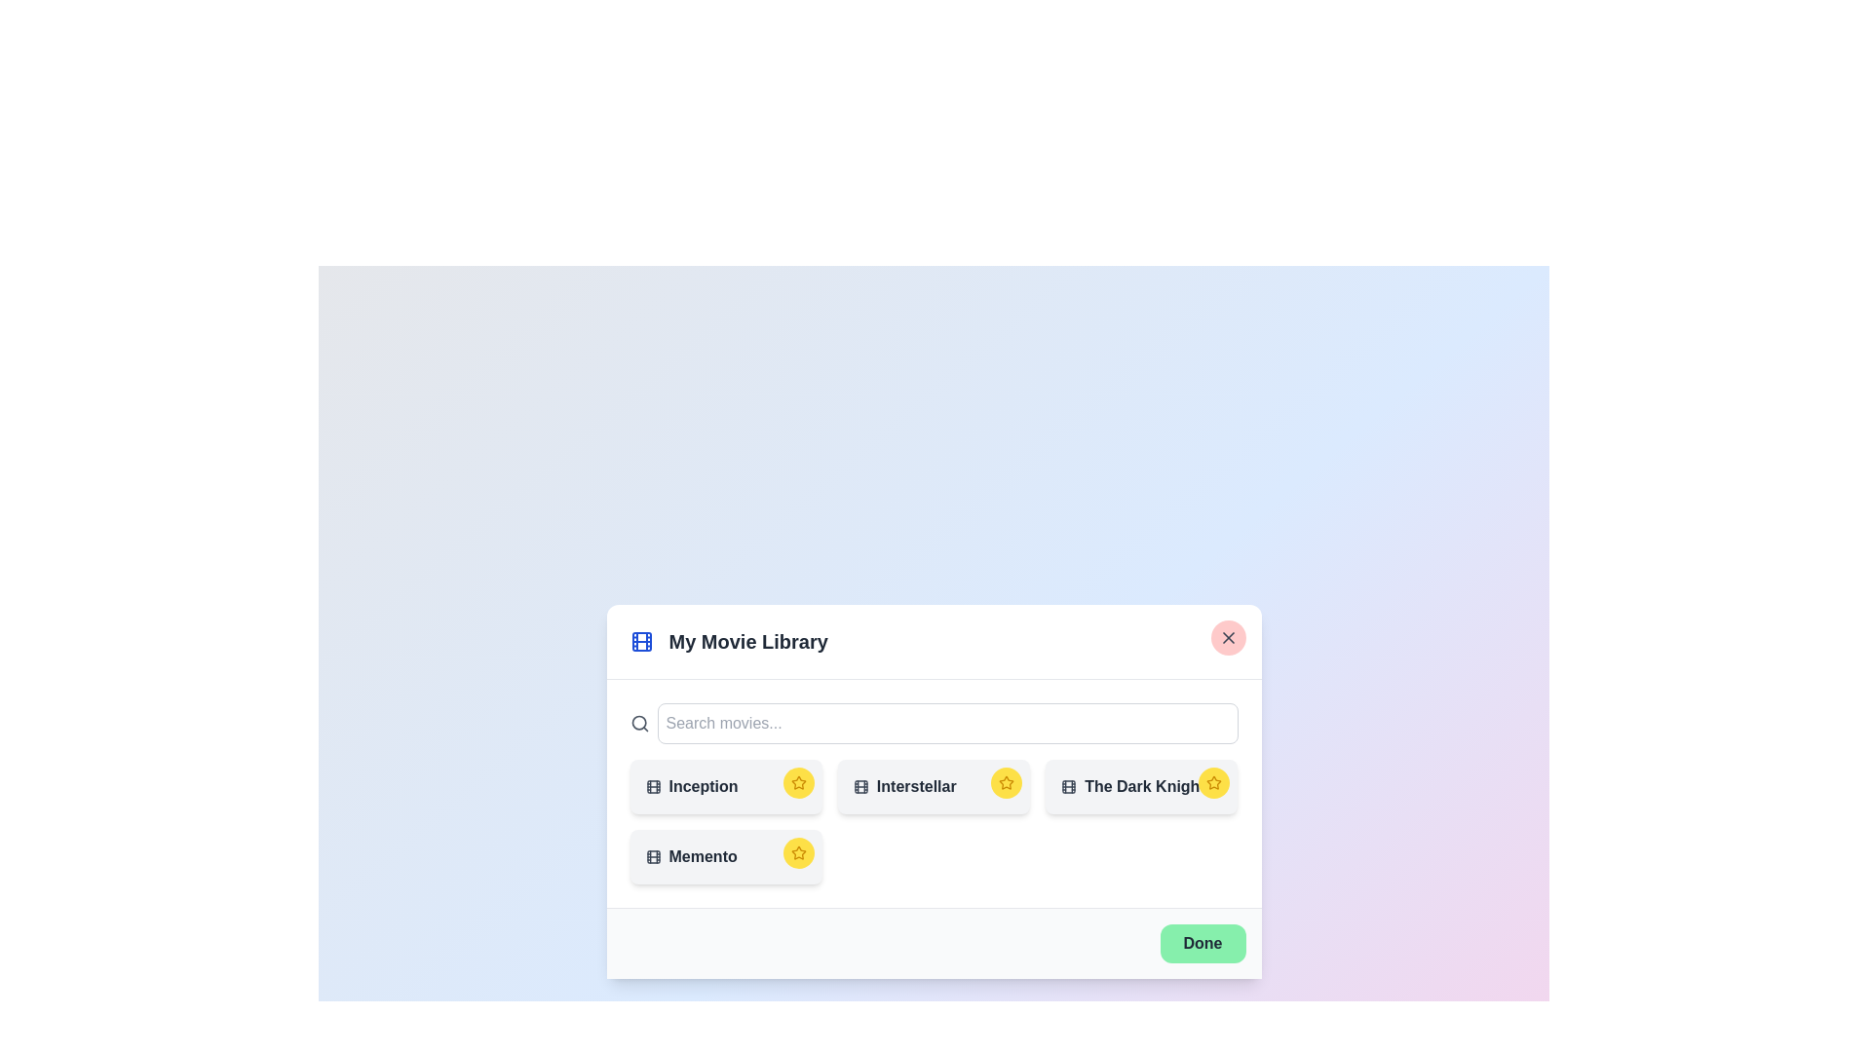  I want to click on the close button located at the top-right corner of the modal titled 'My Movie Library', so click(1227, 638).